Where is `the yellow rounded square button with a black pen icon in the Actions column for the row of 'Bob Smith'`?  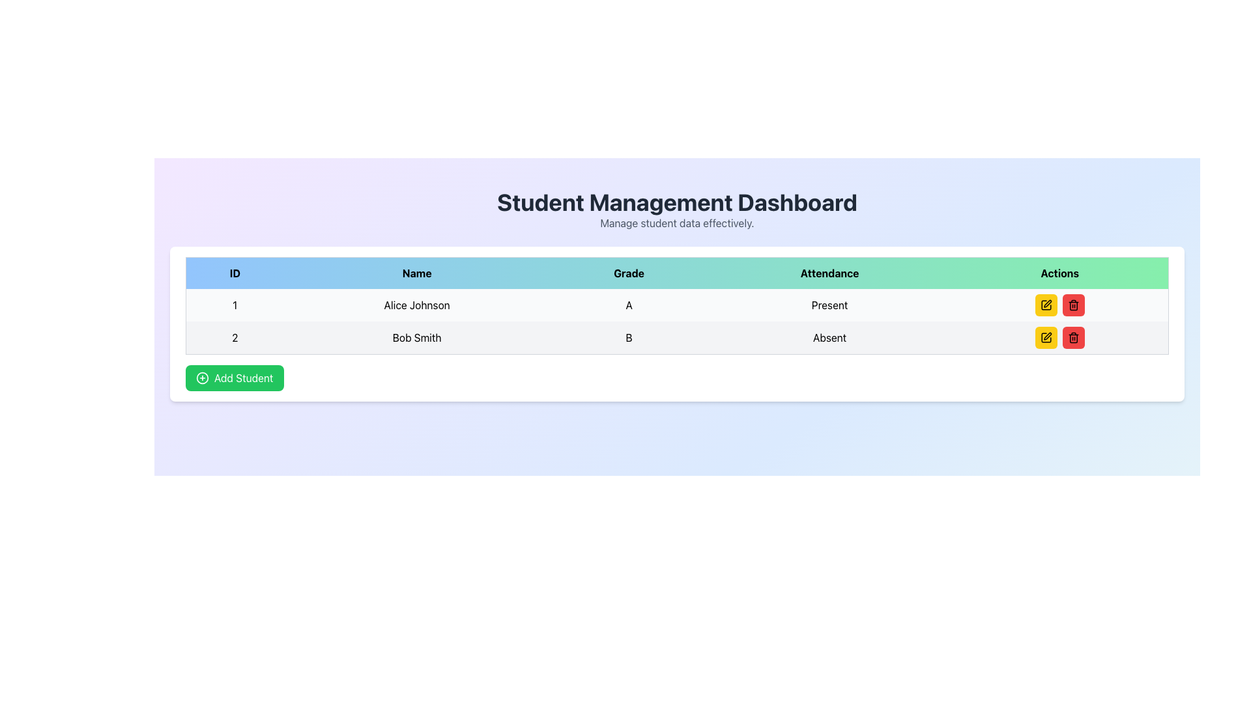 the yellow rounded square button with a black pen icon in the Actions column for the row of 'Bob Smith' is located at coordinates (1046, 337).